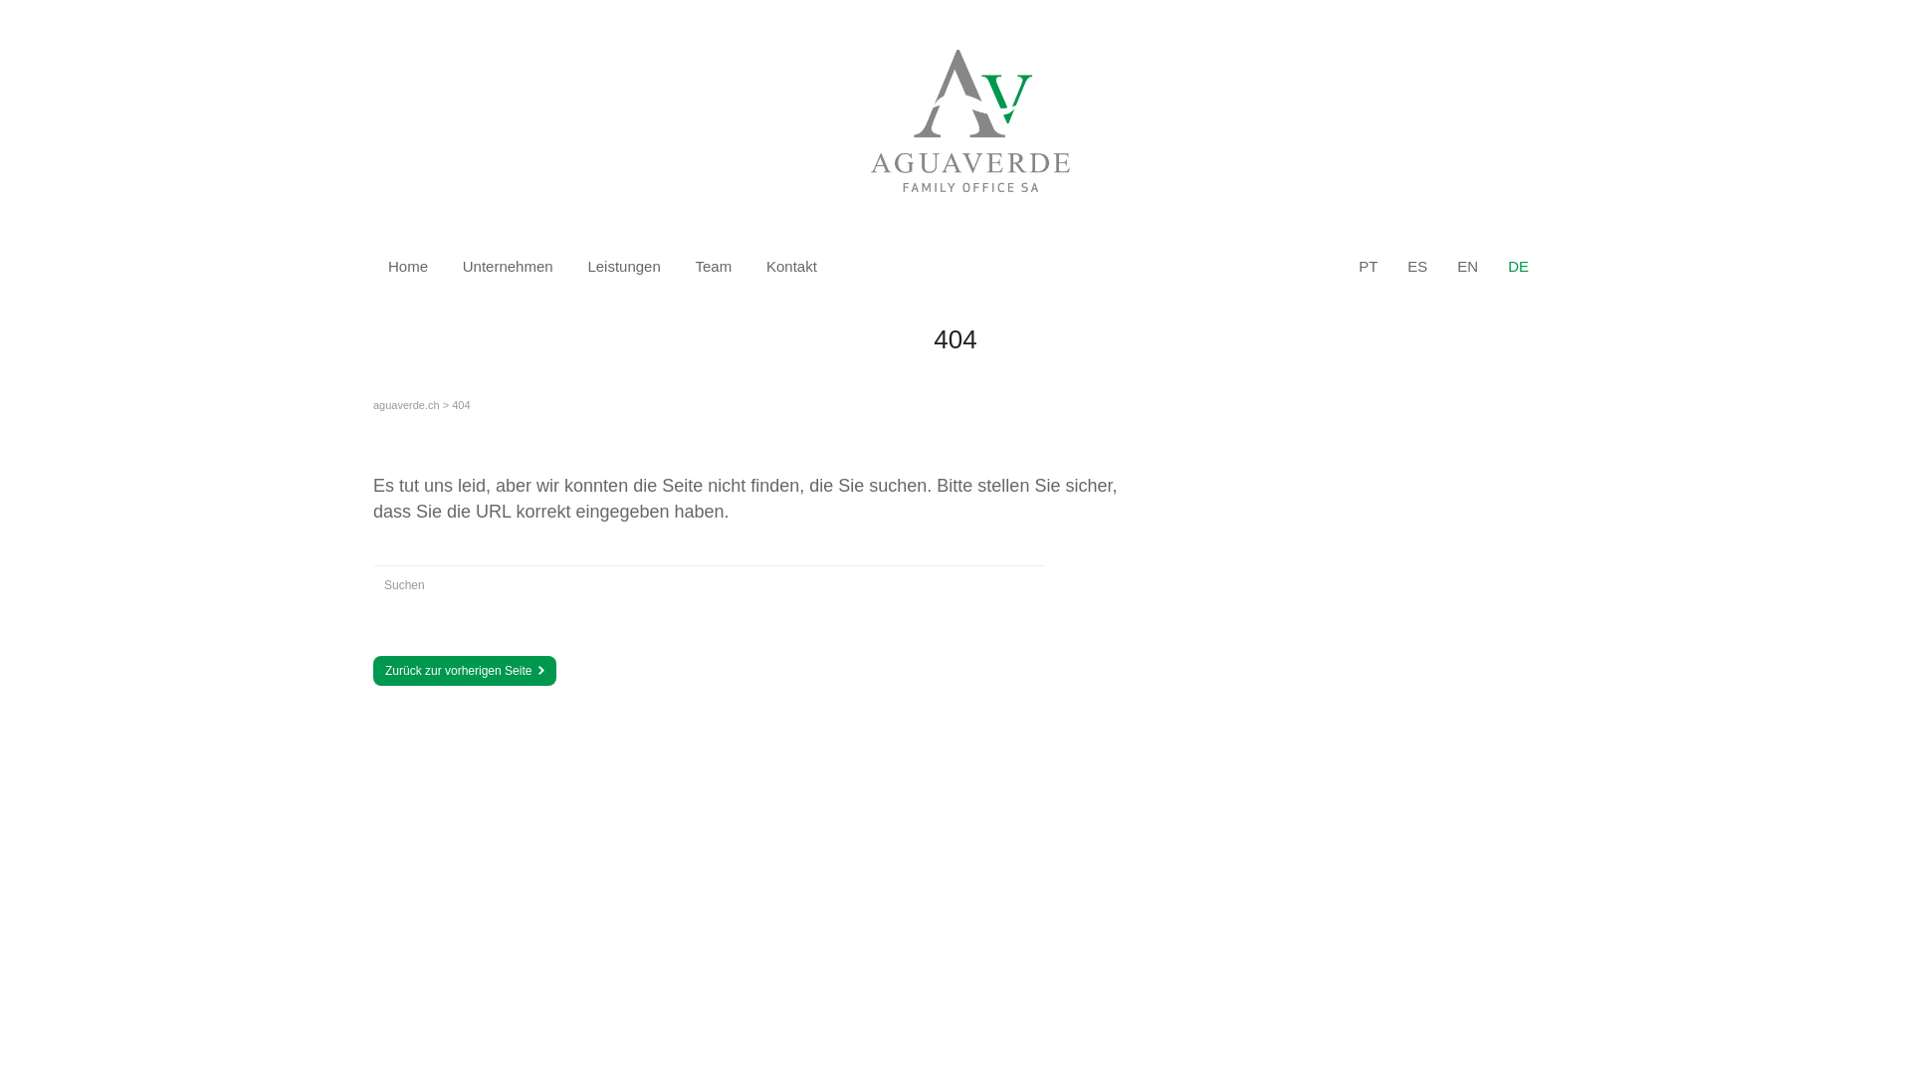 This screenshot has height=1075, width=1911. Describe the element at coordinates (714, 265) in the screenshot. I see `'Team'` at that location.